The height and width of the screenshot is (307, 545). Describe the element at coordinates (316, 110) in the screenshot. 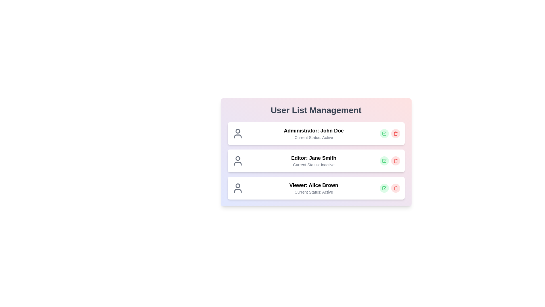

I see `the Text Header that indicates the user list management section for accessibility purposes` at that location.